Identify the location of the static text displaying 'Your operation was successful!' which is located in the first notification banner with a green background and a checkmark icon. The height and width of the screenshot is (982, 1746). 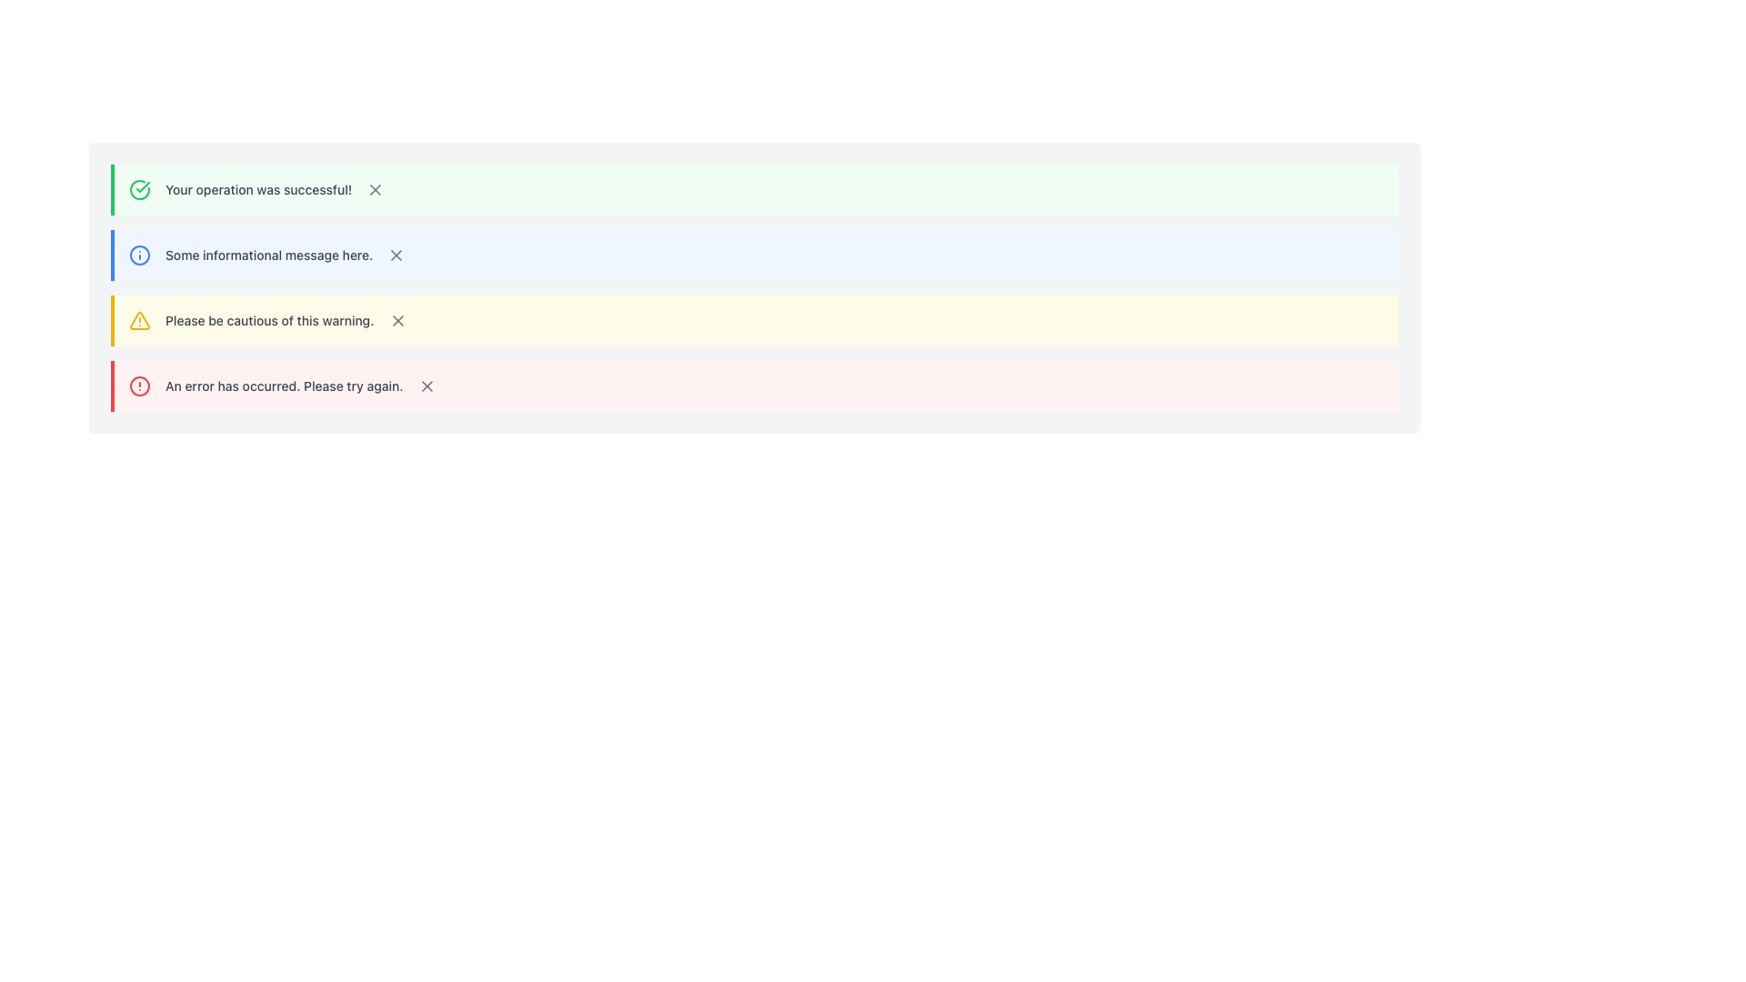
(257, 189).